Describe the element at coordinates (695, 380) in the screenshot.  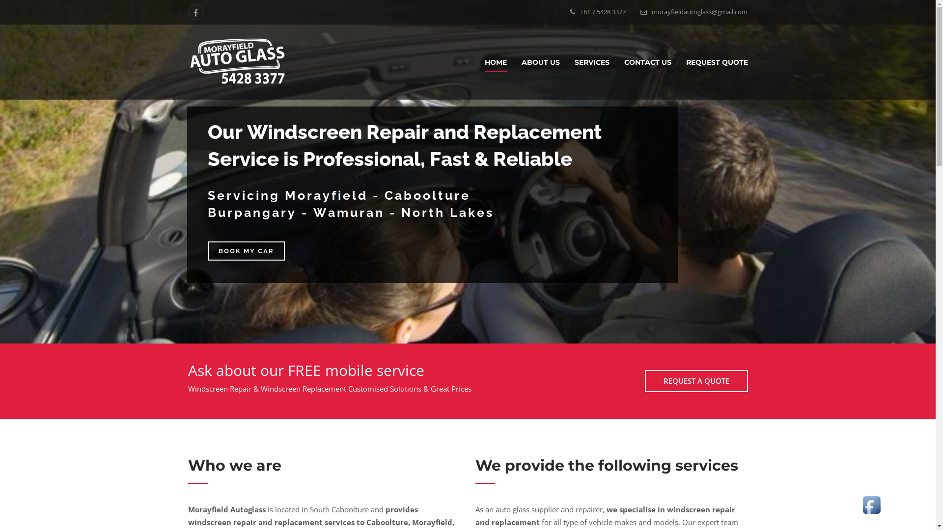
I see `'REQUEST A QUOTE` at that location.